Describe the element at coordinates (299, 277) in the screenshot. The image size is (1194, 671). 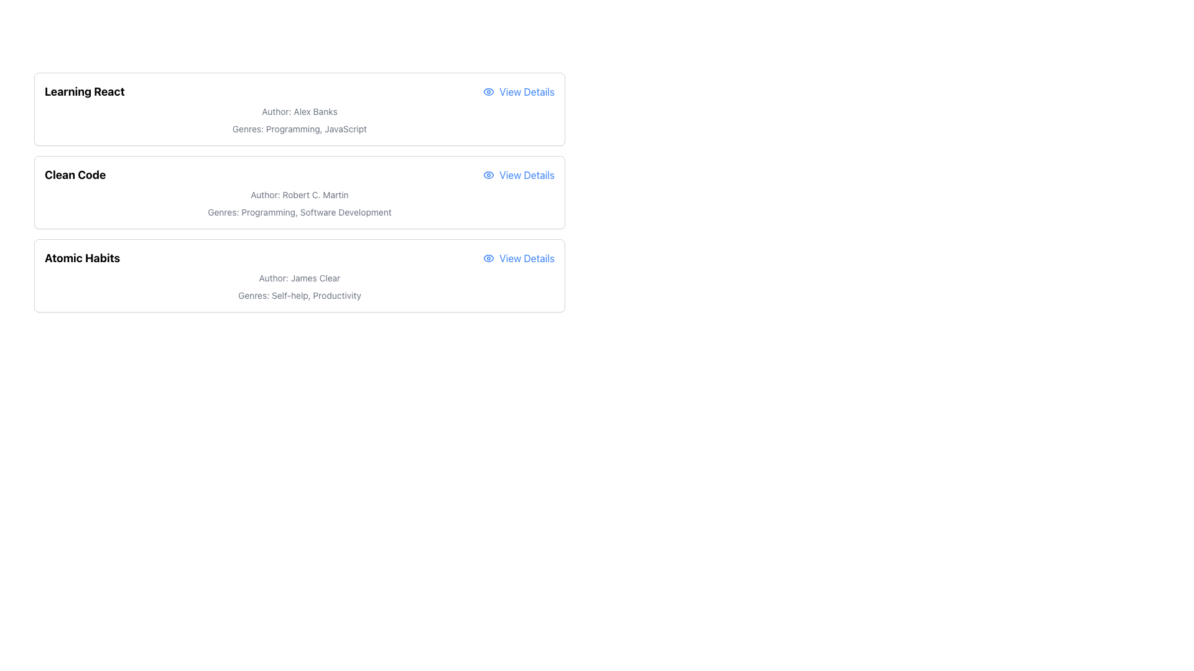
I see `the text element displaying 'Author: James Clear', which is styled in a small gray font and located within the book details card for 'Atomic Habits'` at that location.